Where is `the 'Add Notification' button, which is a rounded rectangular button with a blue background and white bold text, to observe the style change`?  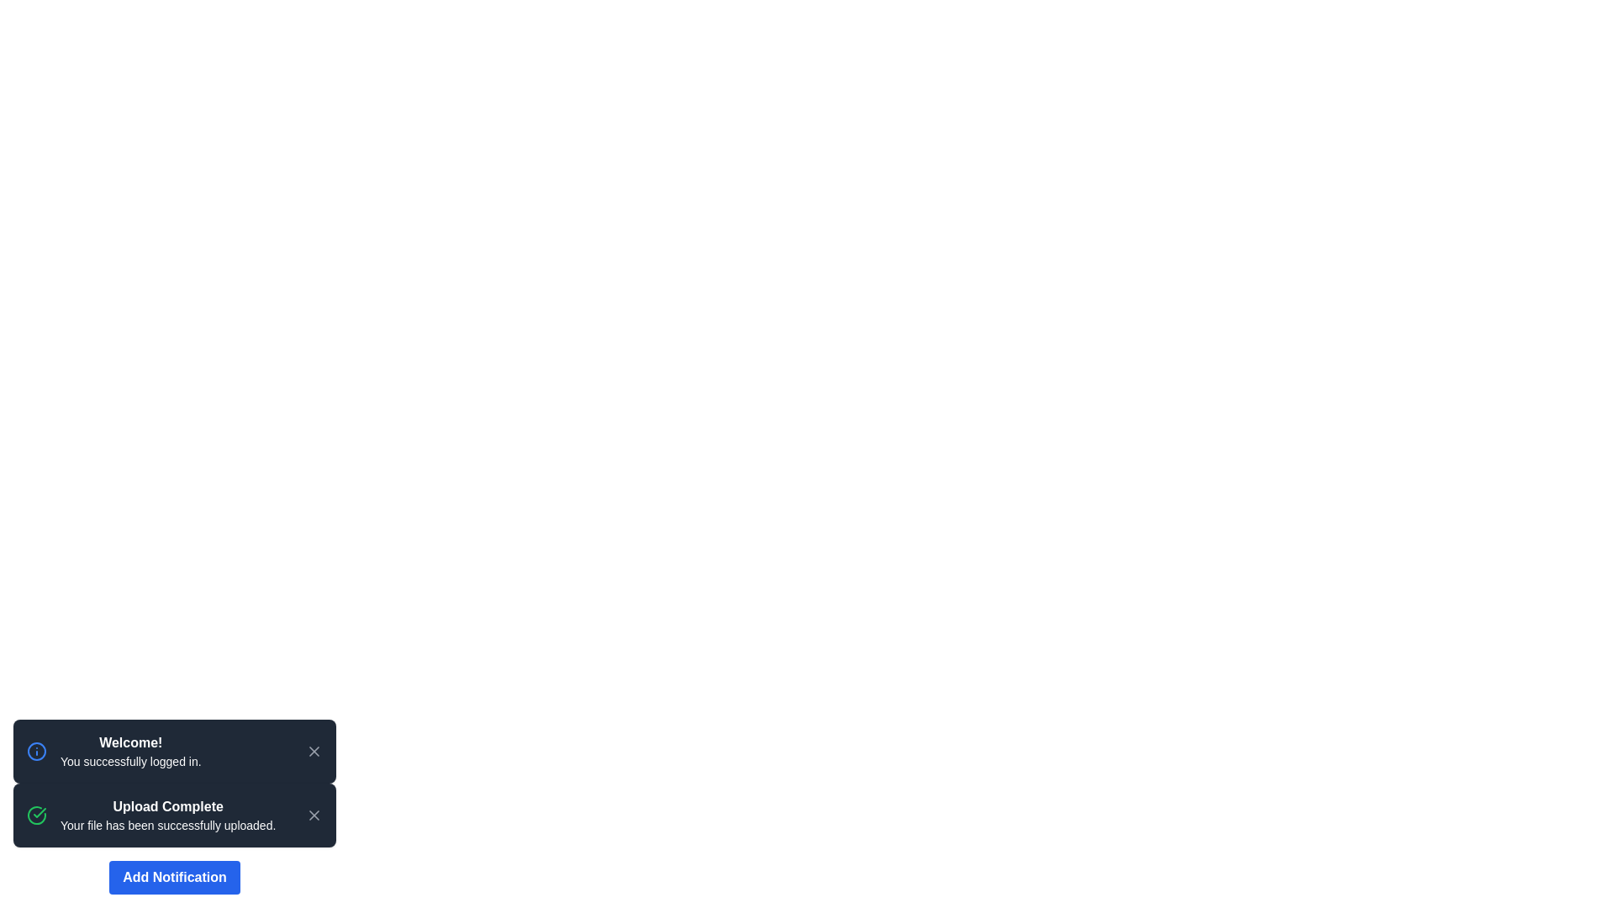 the 'Add Notification' button, which is a rounded rectangular button with a blue background and white bold text, to observe the style change is located at coordinates (174, 877).